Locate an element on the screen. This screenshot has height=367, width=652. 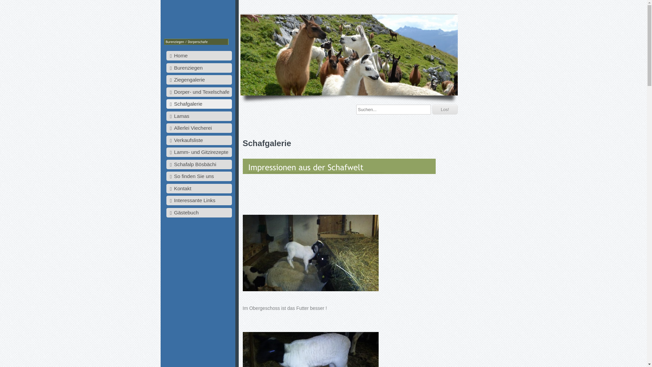
'Allerlei Viecherei' is located at coordinates (199, 128).